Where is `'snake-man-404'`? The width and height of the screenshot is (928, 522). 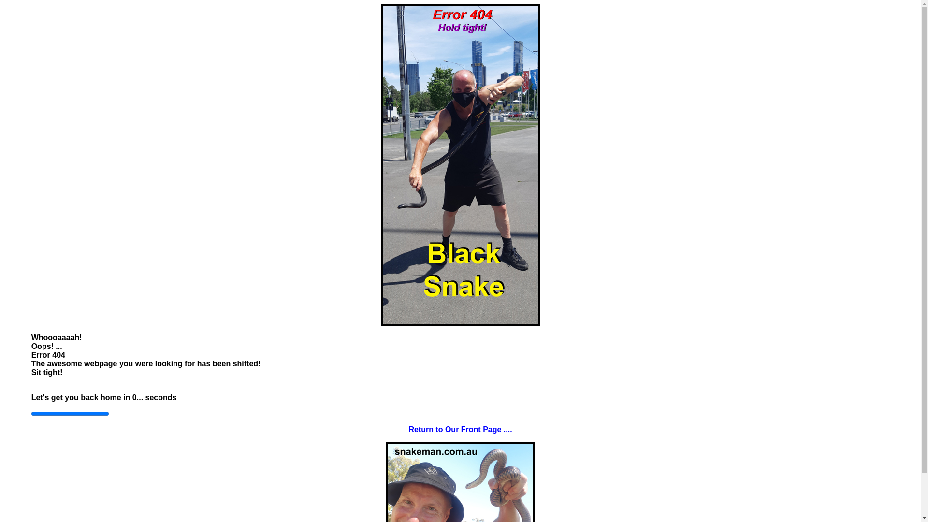
'snake-man-404' is located at coordinates (459, 164).